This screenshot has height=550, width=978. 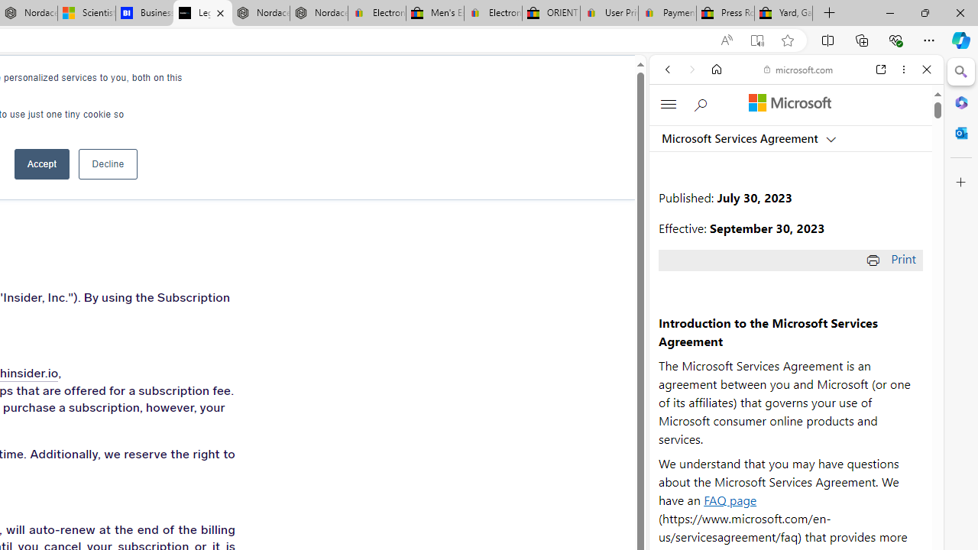 What do you see at coordinates (107, 163) in the screenshot?
I see `'Decline'` at bounding box center [107, 163].